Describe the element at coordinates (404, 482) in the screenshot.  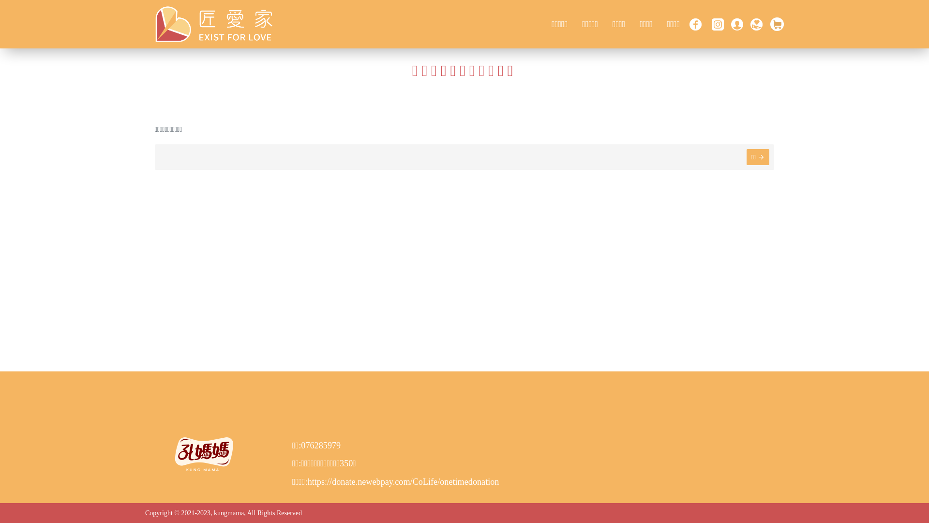
I see `'https://donate.newebpay.com/CoLife/onetimedonation'` at that location.